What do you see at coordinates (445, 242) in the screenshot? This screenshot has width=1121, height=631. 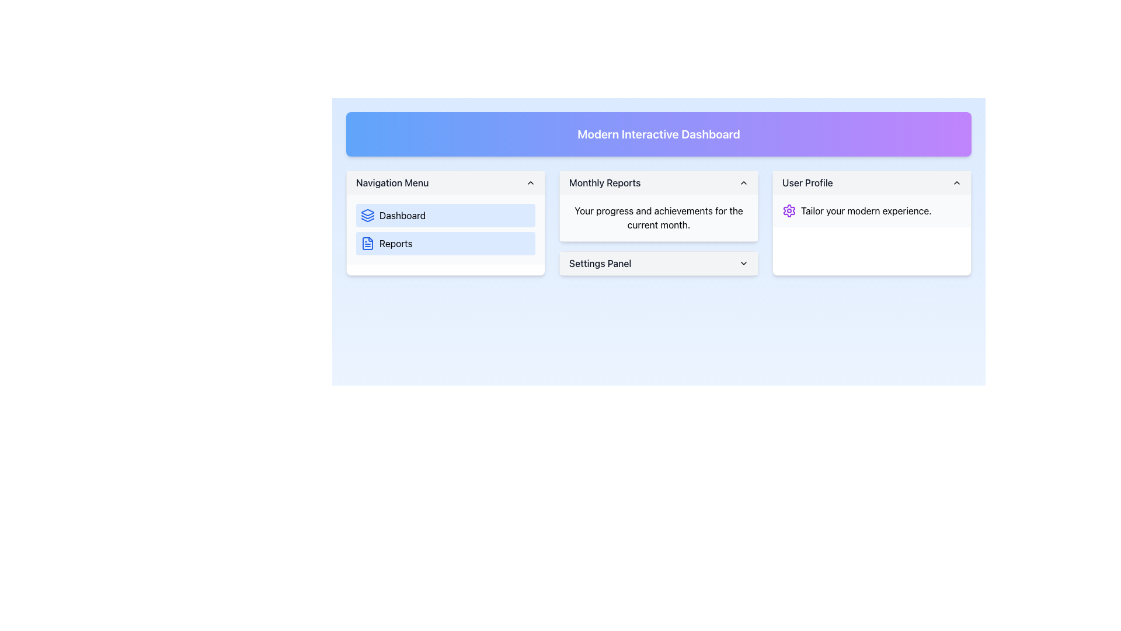 I see `the second button in the navigation menu located in the left panel of the interface to change its background color` at bounding box center [445, 242].